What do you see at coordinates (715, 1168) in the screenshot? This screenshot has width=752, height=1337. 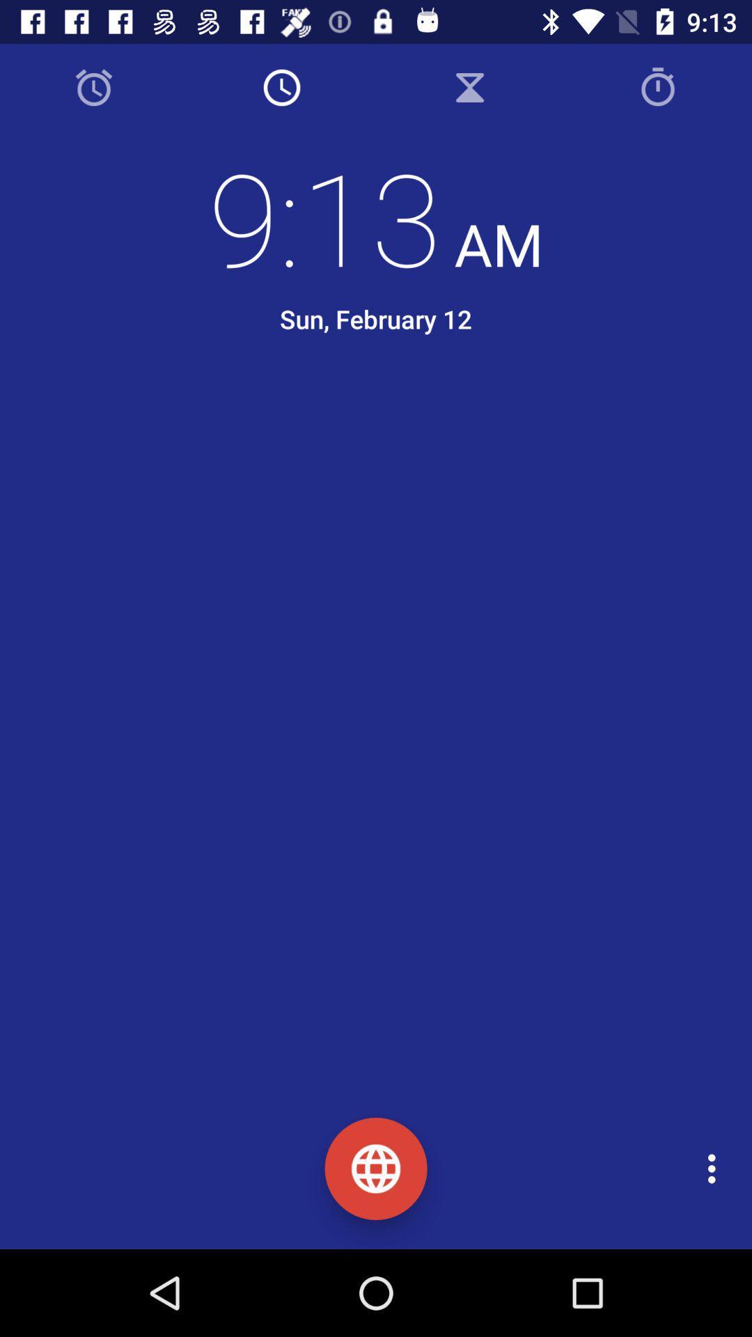 I see `the more icon` at bounding box center [715, 1168].